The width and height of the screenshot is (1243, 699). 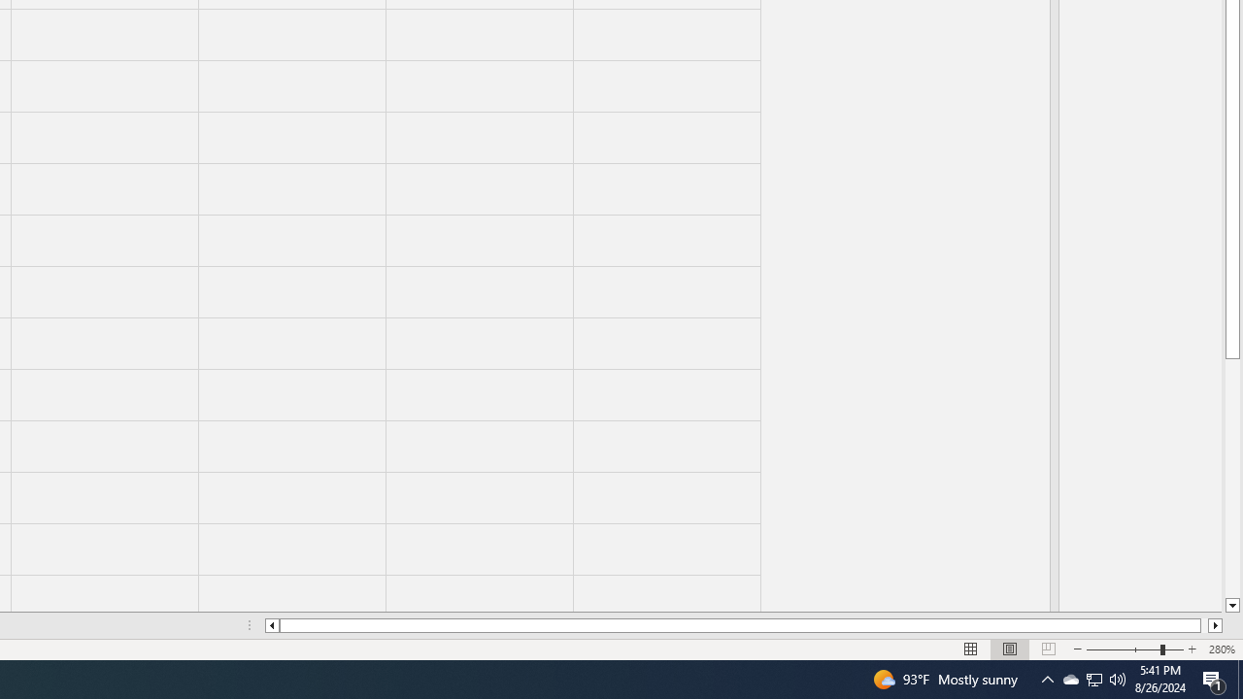 I want to click on 'Line down', so click(x=1231, y=605).